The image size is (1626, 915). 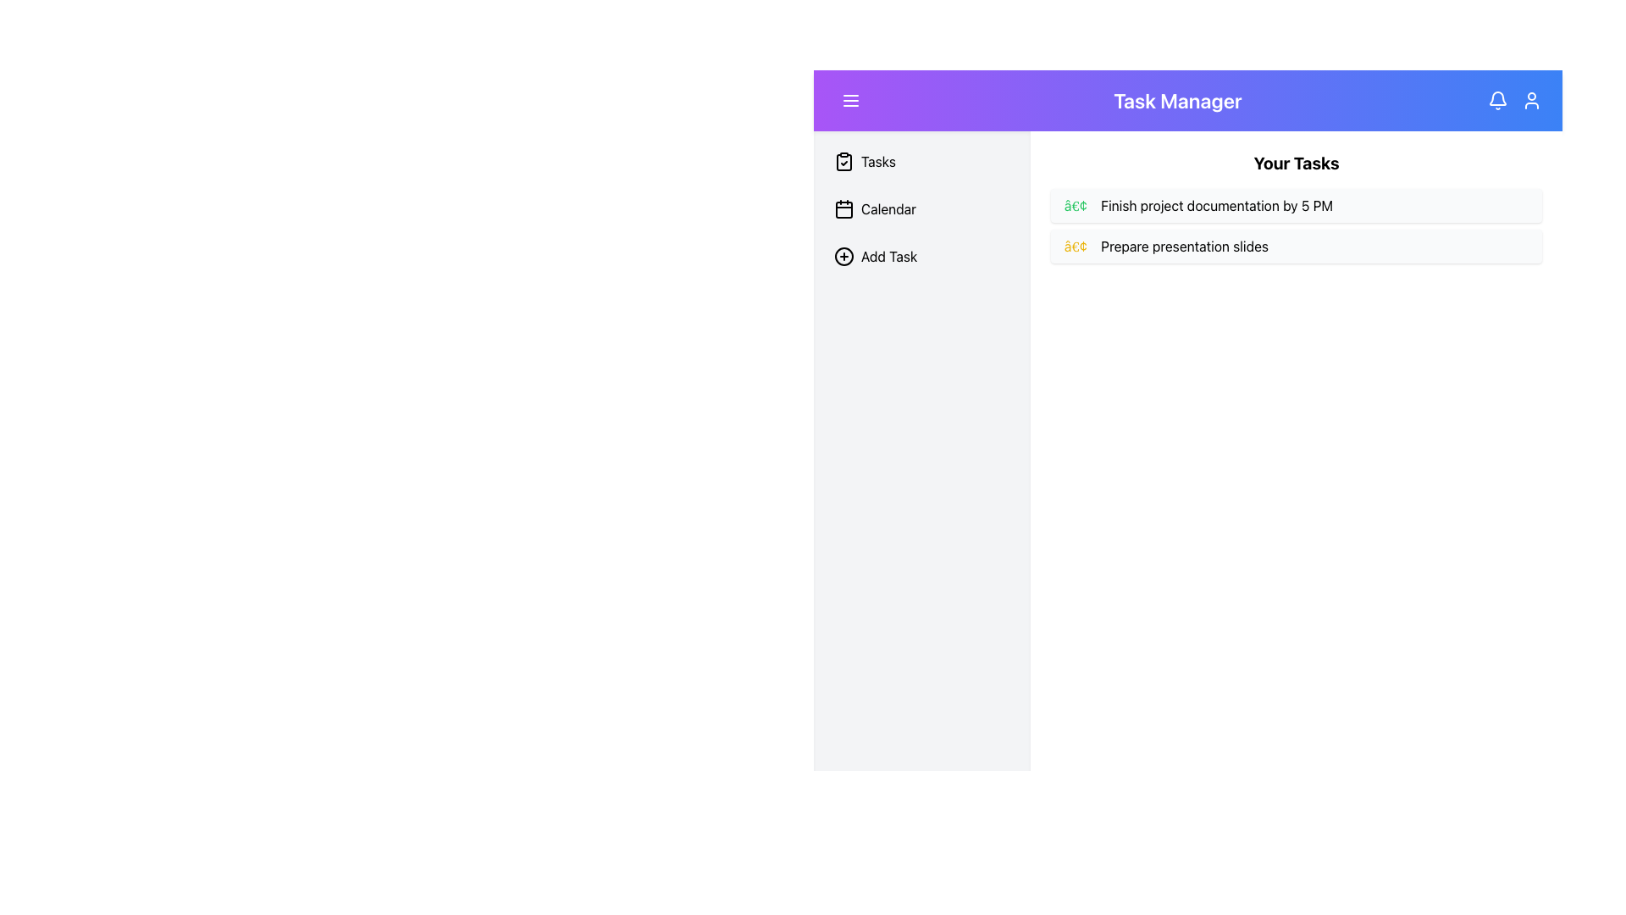 I want to click on the second task item in the 'Your Tasks' list, so click(x=1296, y=246).